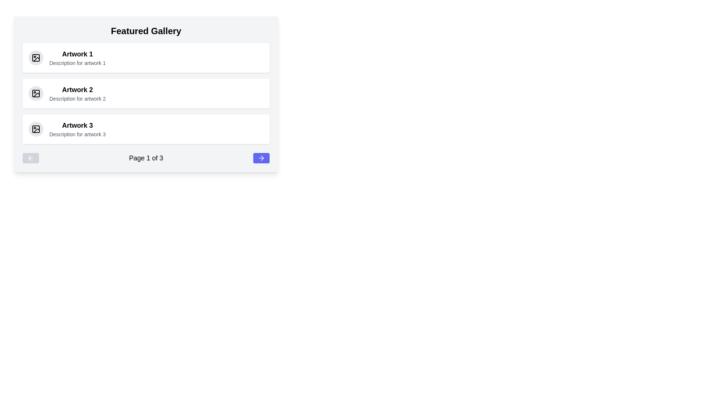  What do you see at coordinates (77, 89) in the screenshot?
I see `the Text label for 'Artwork 2' in the 'Featured Gallery' section, which is centrally positioned in the second card of a vertically stacked list` at bounding box center [77, 89].